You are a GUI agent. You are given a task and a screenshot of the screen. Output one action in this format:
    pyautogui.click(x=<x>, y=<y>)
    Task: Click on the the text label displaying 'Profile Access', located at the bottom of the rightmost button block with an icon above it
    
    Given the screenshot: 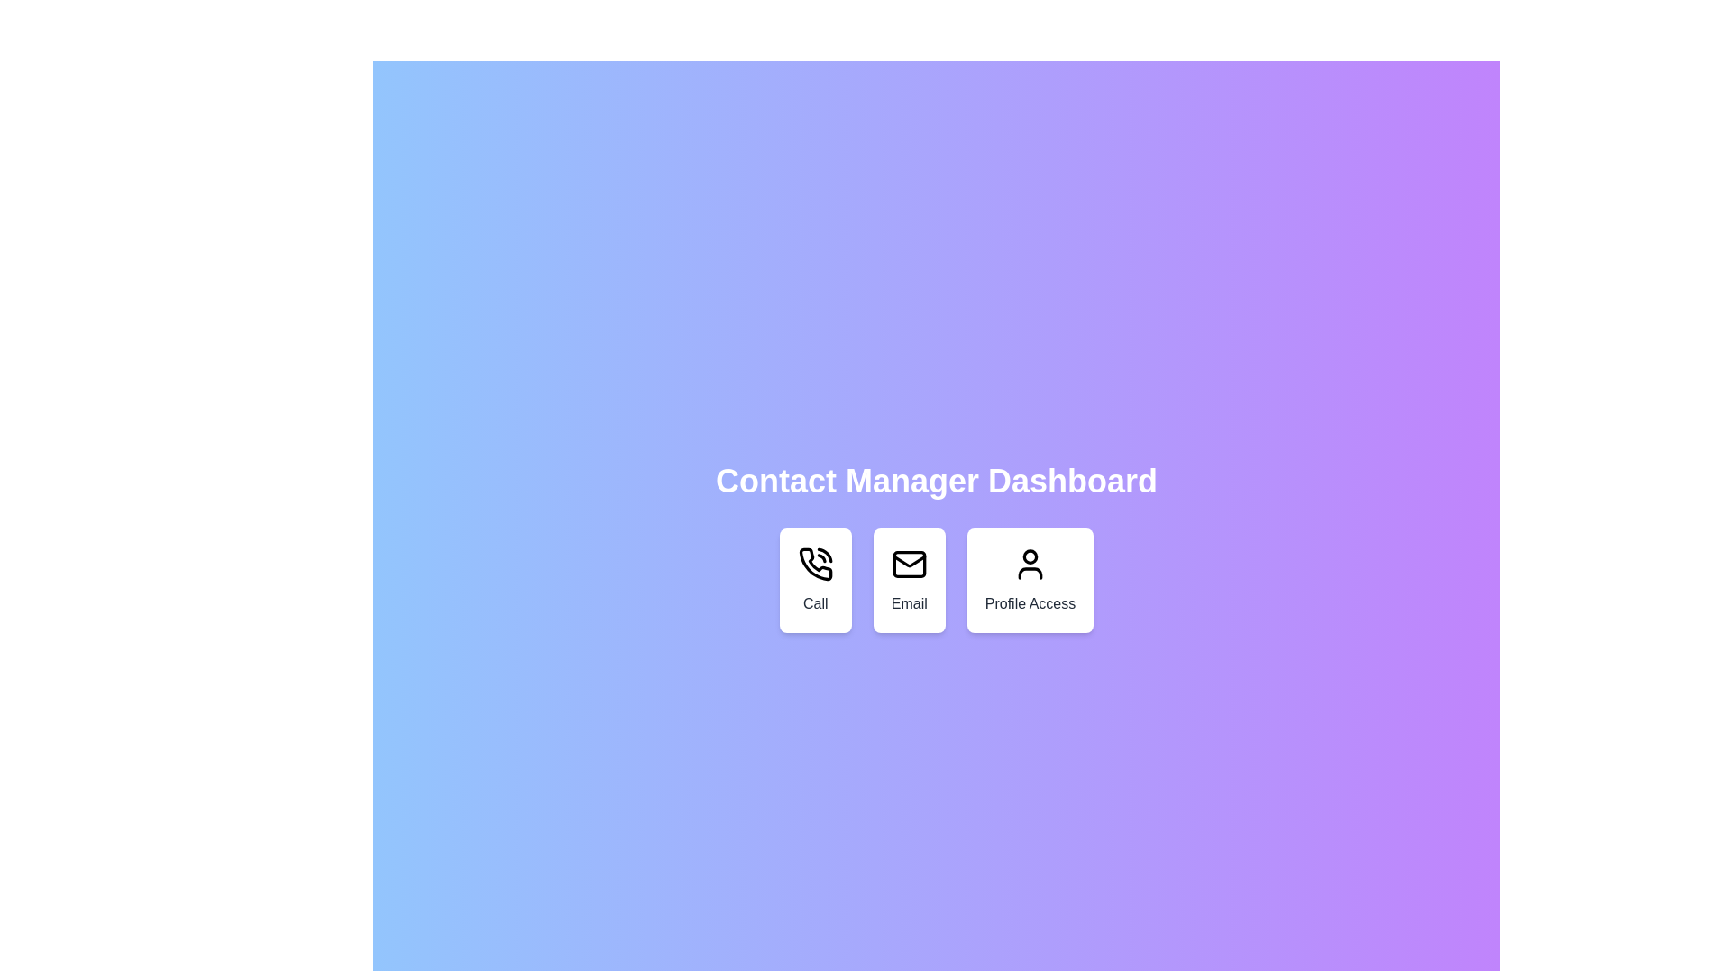 What is the action you would take?
    pyautogui.click(x=1030, y=604)
    